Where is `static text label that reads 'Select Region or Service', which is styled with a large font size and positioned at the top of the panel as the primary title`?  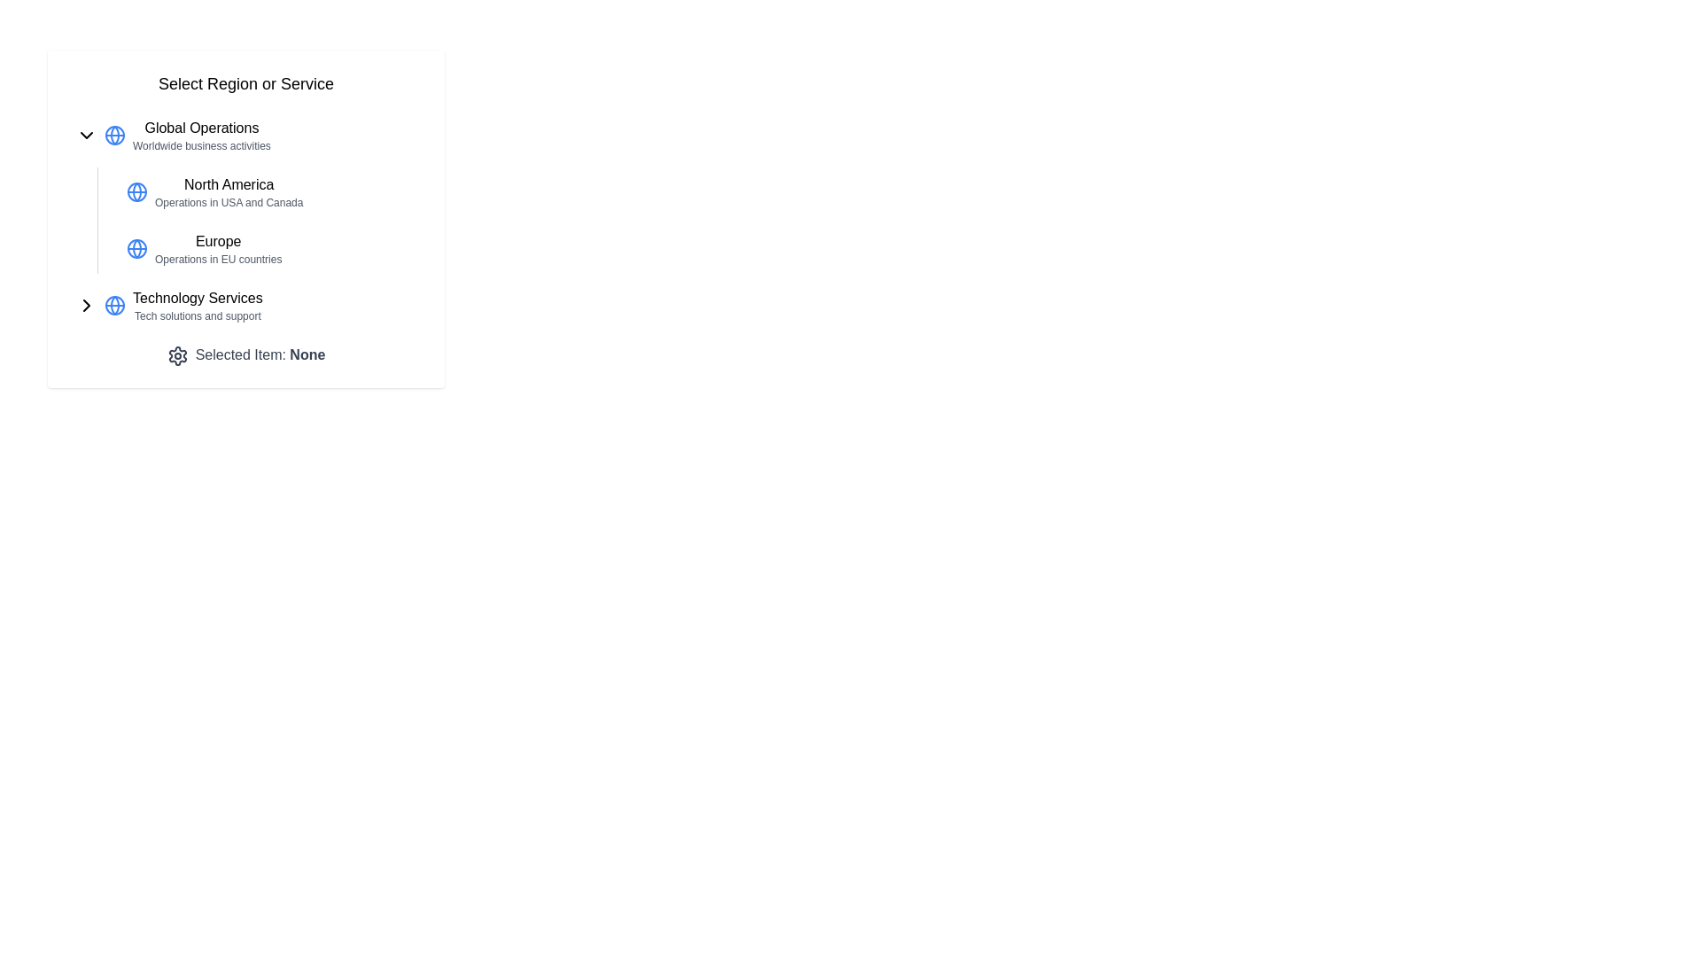
static text label that reads 'Select Region or Service', which is styled with a large font size and positioned at the top of the panel as the primary title is located at coordinates (245, 84).